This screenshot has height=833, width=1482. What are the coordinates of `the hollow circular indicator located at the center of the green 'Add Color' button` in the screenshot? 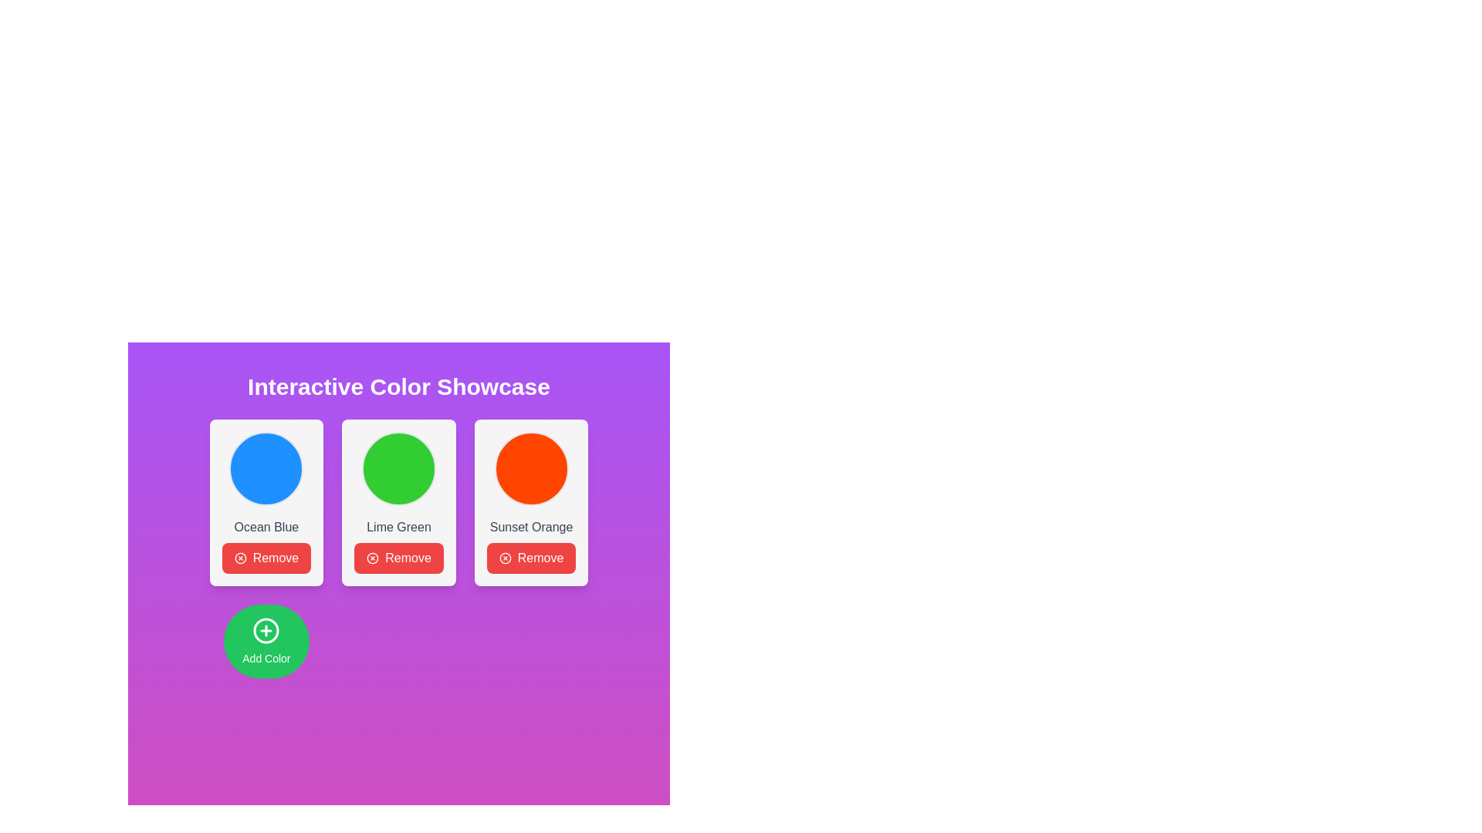 It's located at (266, 630).